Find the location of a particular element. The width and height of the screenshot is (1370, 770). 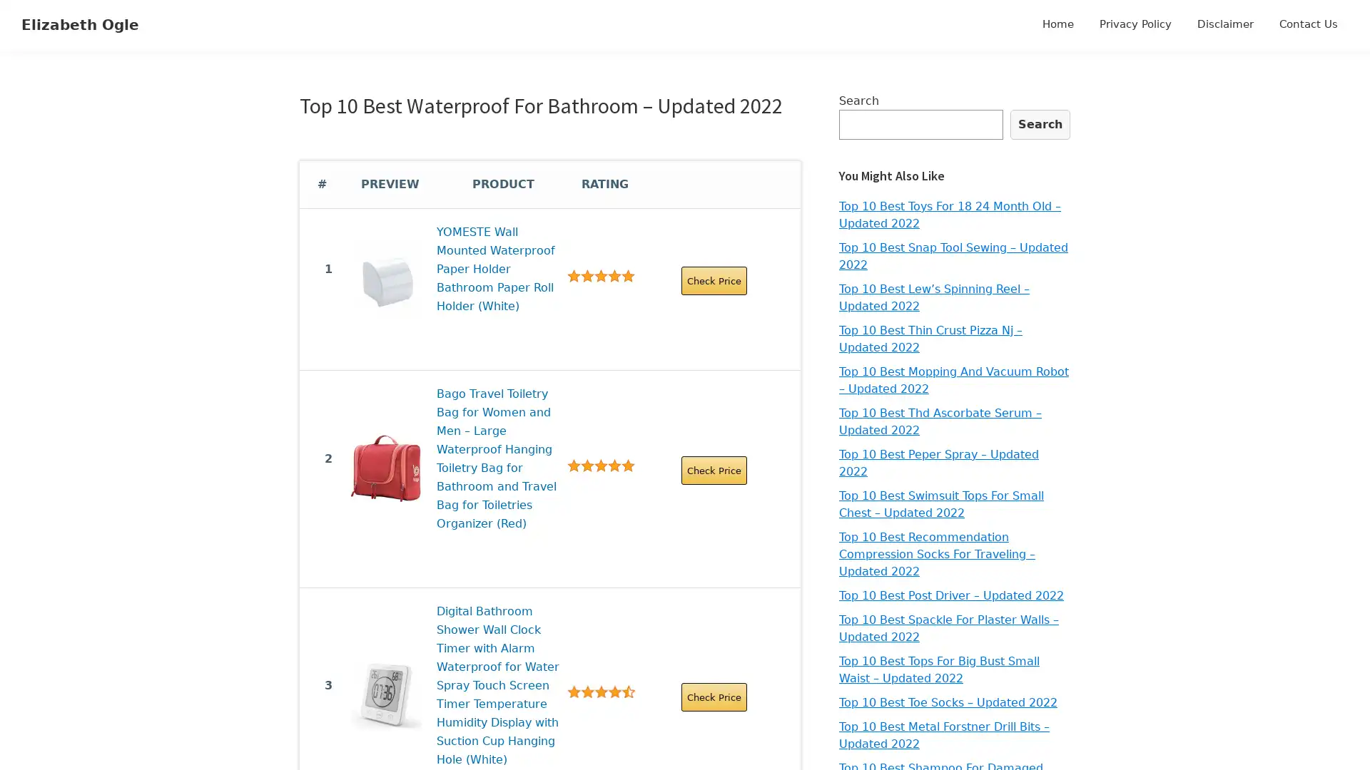

Search is located at coordinates (1040, 123).